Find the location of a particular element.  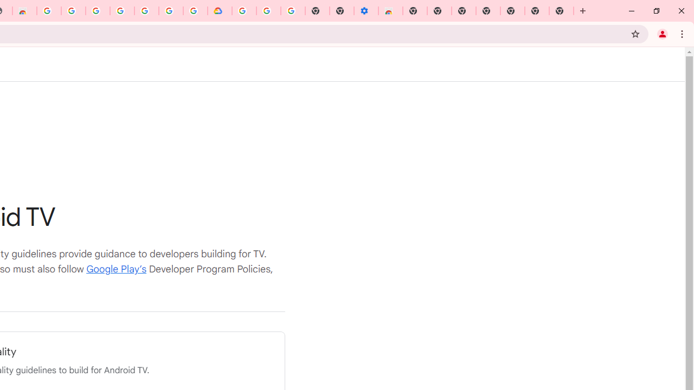

'Google Account Help' is located at coordinates (268, 11).